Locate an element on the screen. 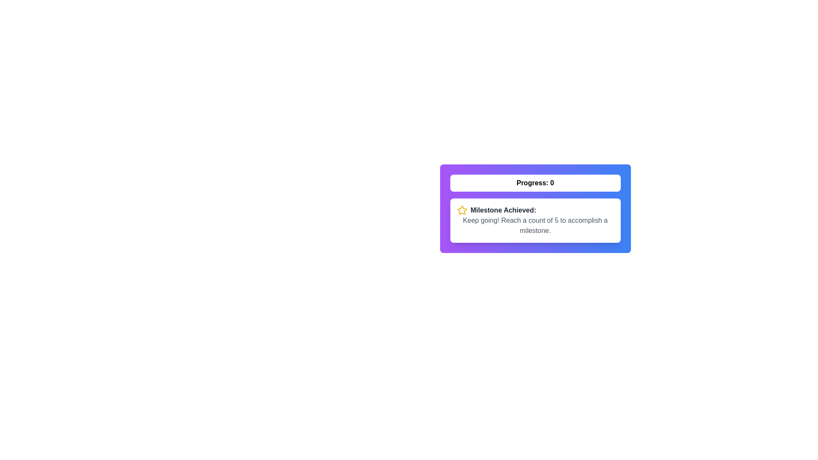 This screenshot has height=460, width=818. the yellow star-shaped decorative icon with a hollow center, which is located in the left section of an achievement-related text block is located at coordinates (461, 210).